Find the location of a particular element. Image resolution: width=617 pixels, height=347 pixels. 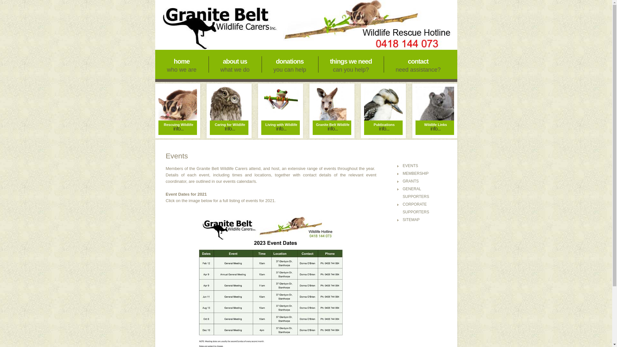

'EVENTS' is located at coordinates (410, 165).